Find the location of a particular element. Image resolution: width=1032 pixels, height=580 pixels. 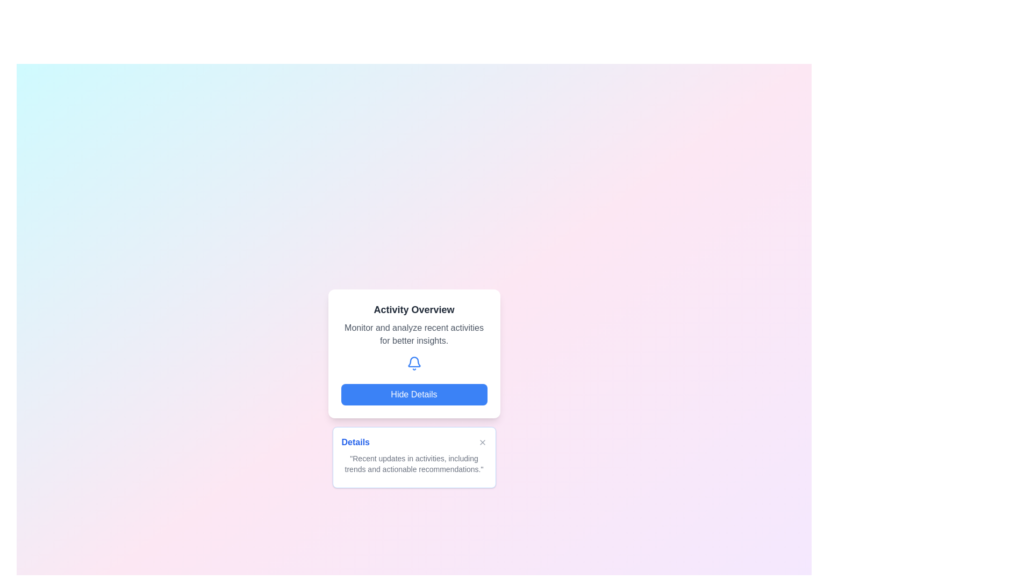

the close button located in the top-right corner of the 'Details' section is located at coordinates (482, 443).